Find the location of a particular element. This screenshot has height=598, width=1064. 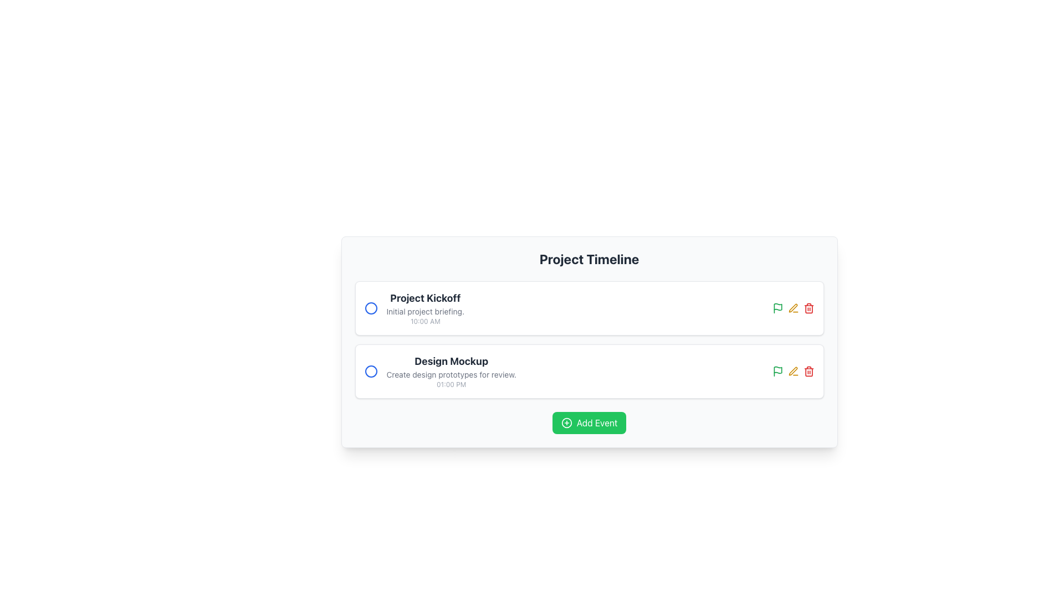

the delete button located within the 'Design Mockup' task panel, which is the rightmost icon in its group is located at coordinates (809, 372).